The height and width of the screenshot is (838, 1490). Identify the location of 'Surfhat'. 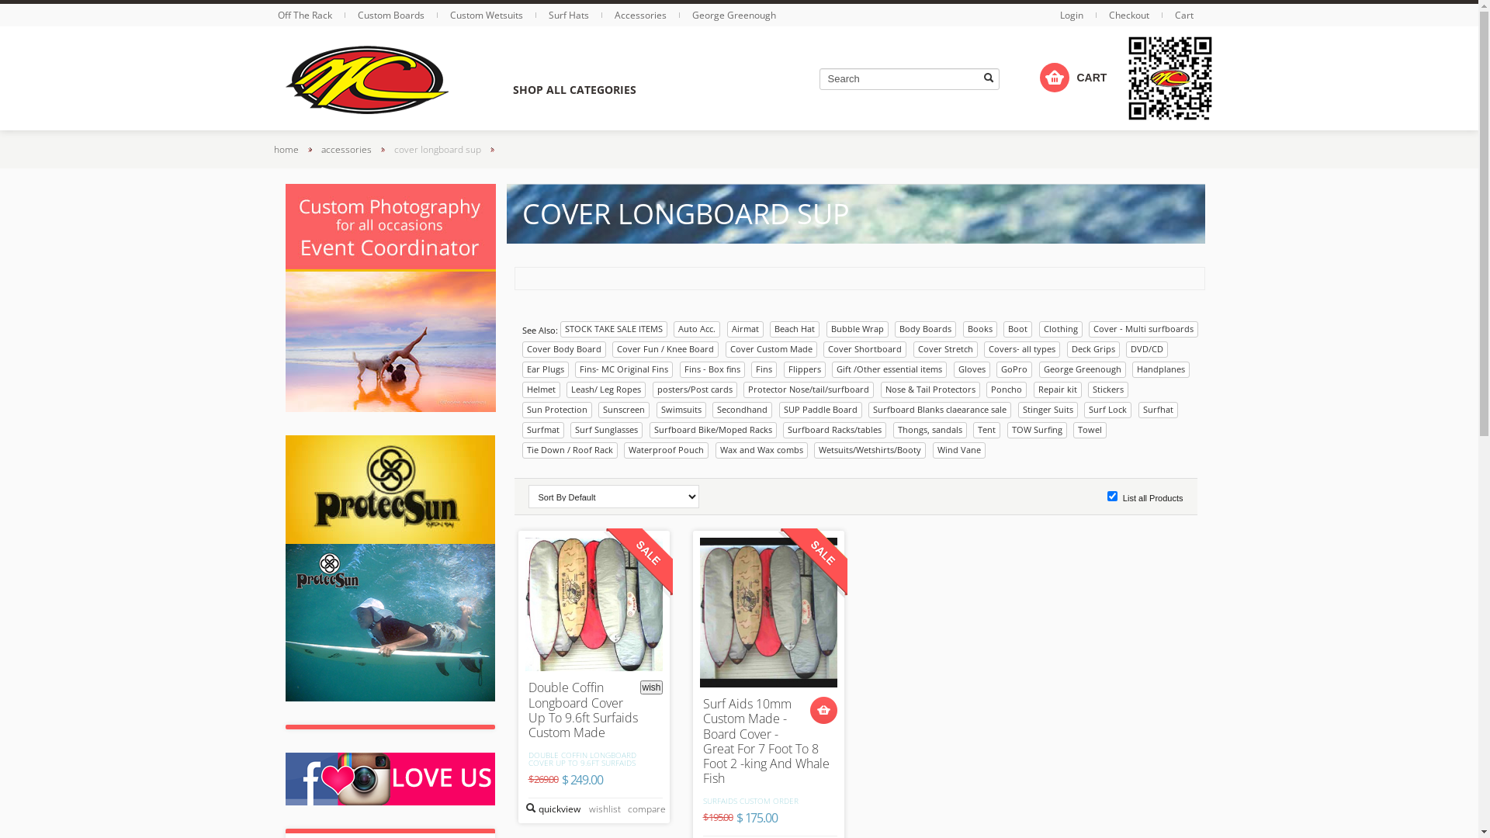
(1157, 409).